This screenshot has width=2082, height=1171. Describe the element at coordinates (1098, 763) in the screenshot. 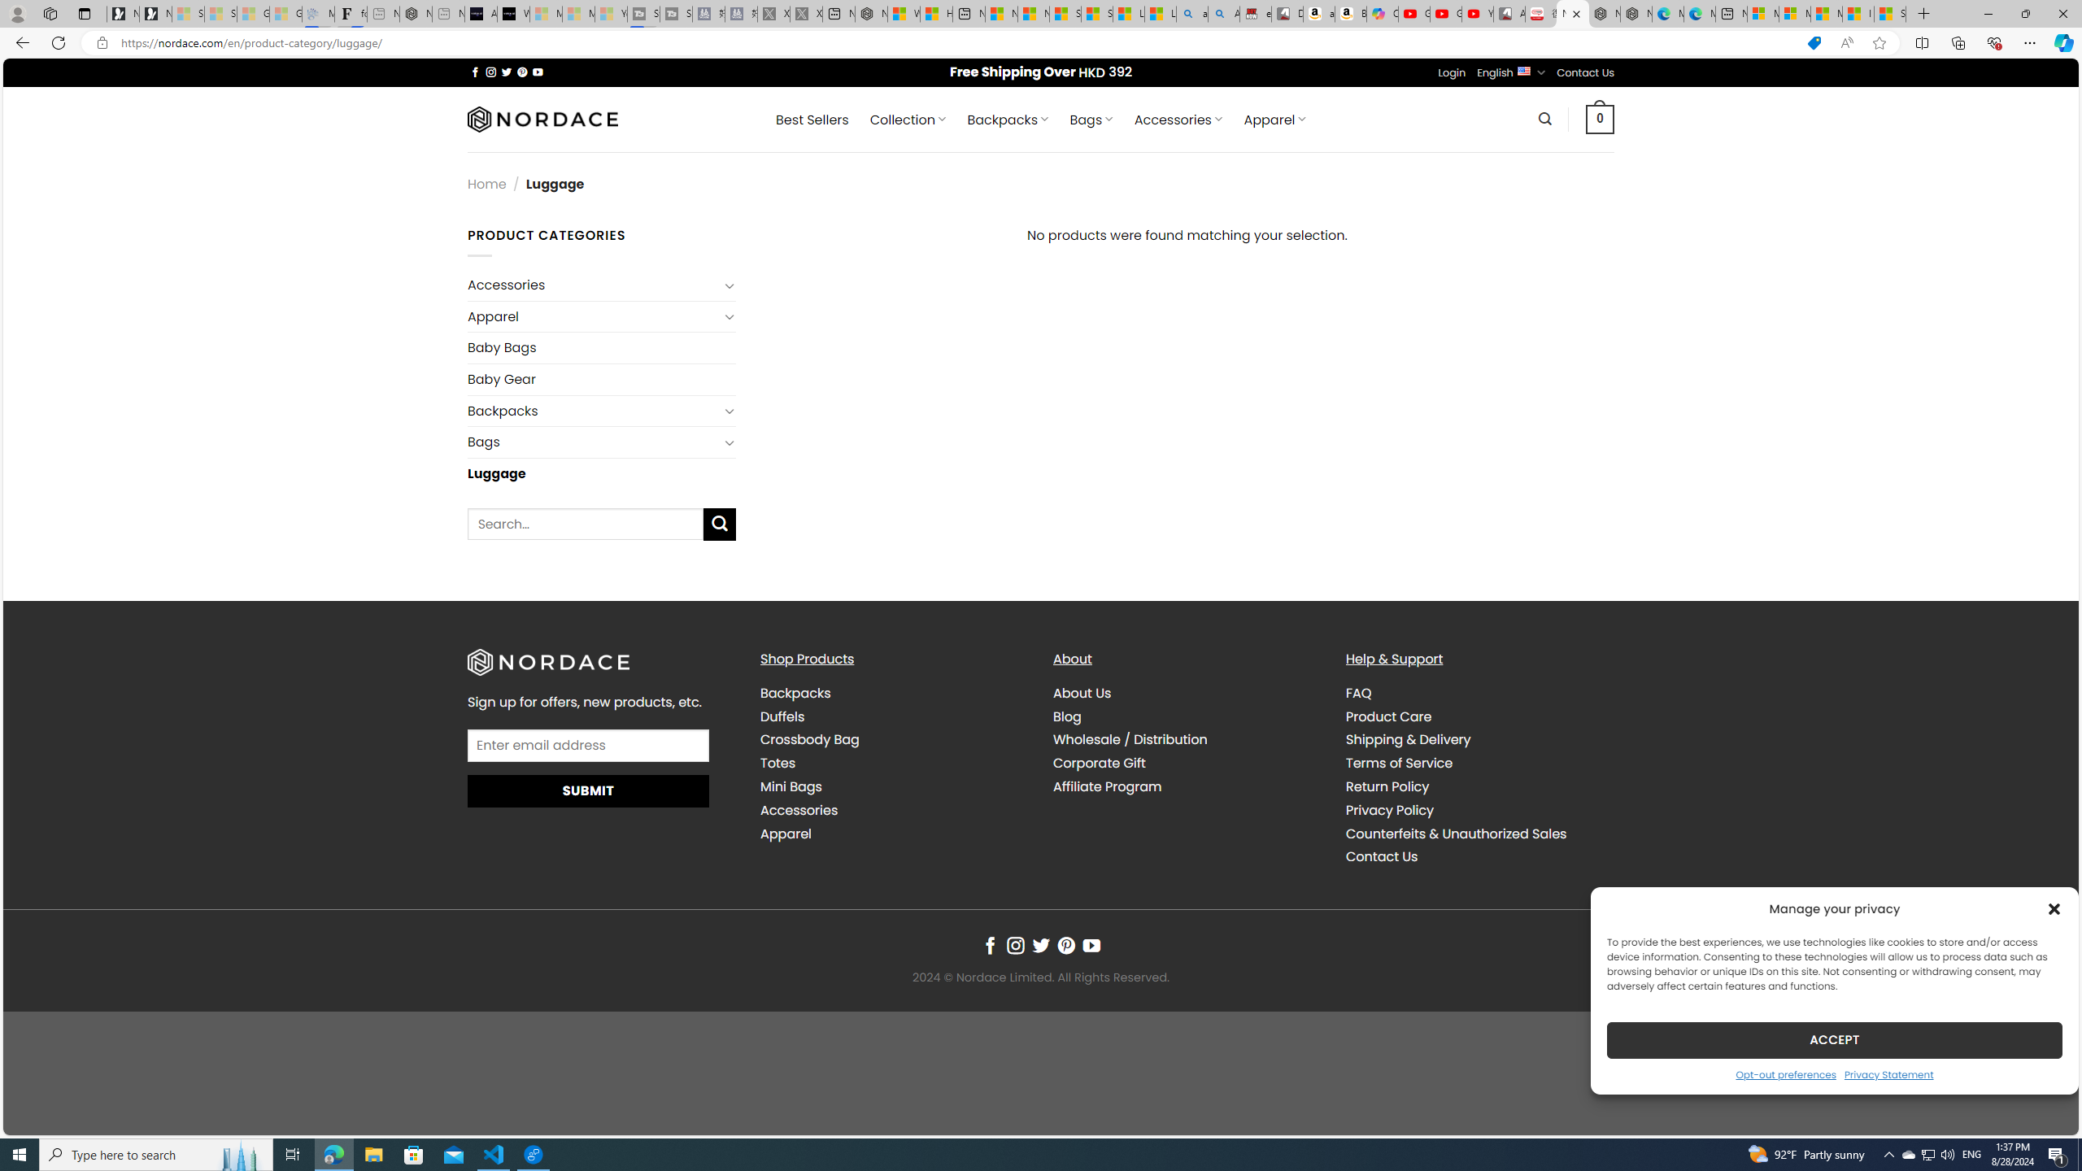

I see `'Corporate Gift'` at that location.